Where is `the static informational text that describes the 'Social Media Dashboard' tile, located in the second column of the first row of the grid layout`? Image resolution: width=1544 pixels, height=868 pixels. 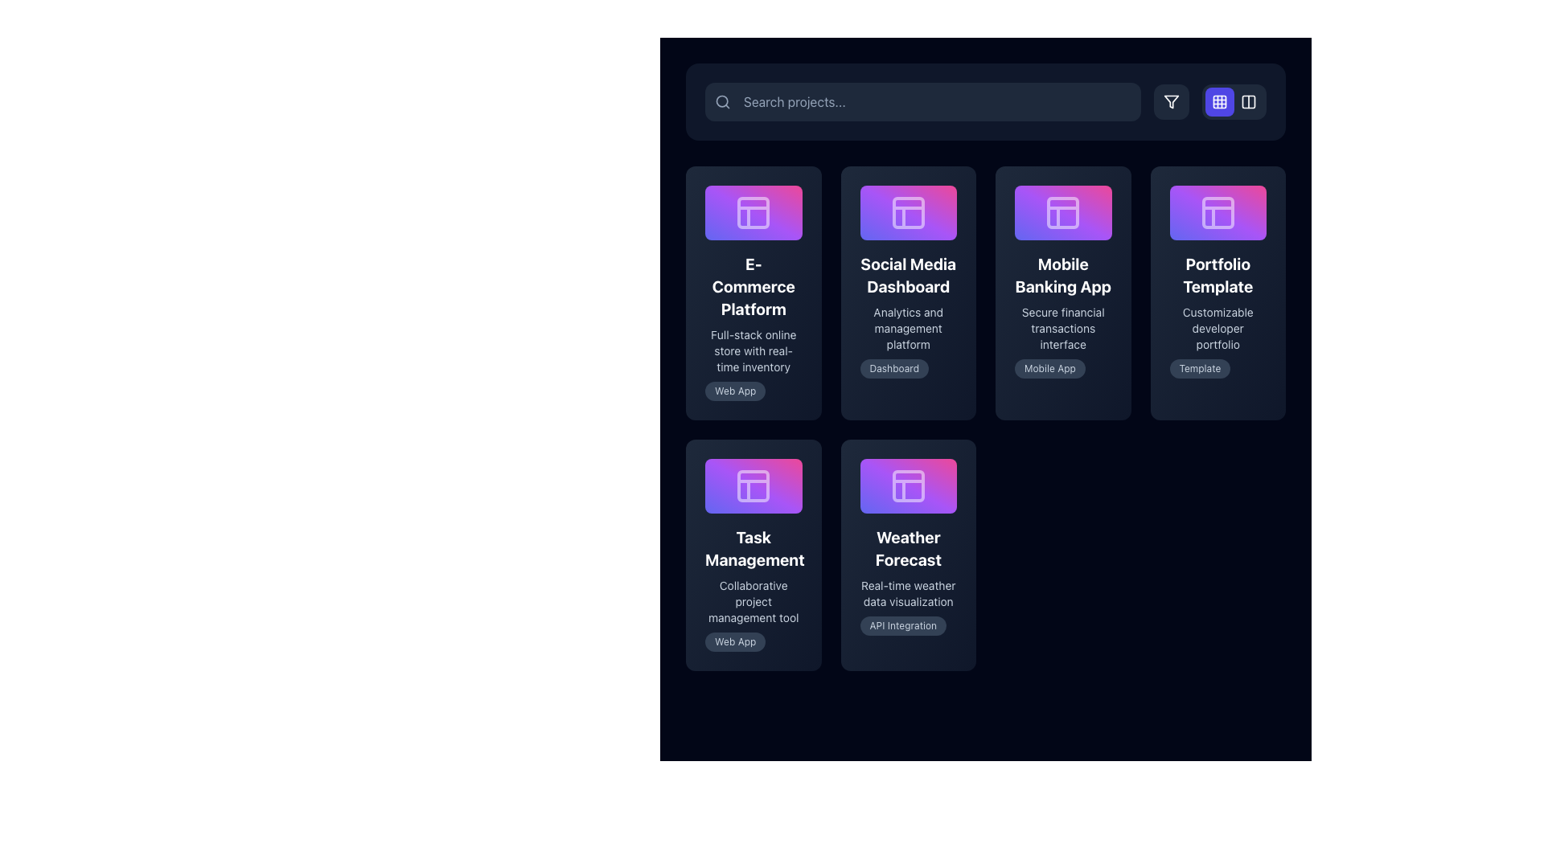
the static informational text that describes the 'Social Media Dashboard' tile, located in the second column of the first row of the grid layout is located at coordinates (908, 327).